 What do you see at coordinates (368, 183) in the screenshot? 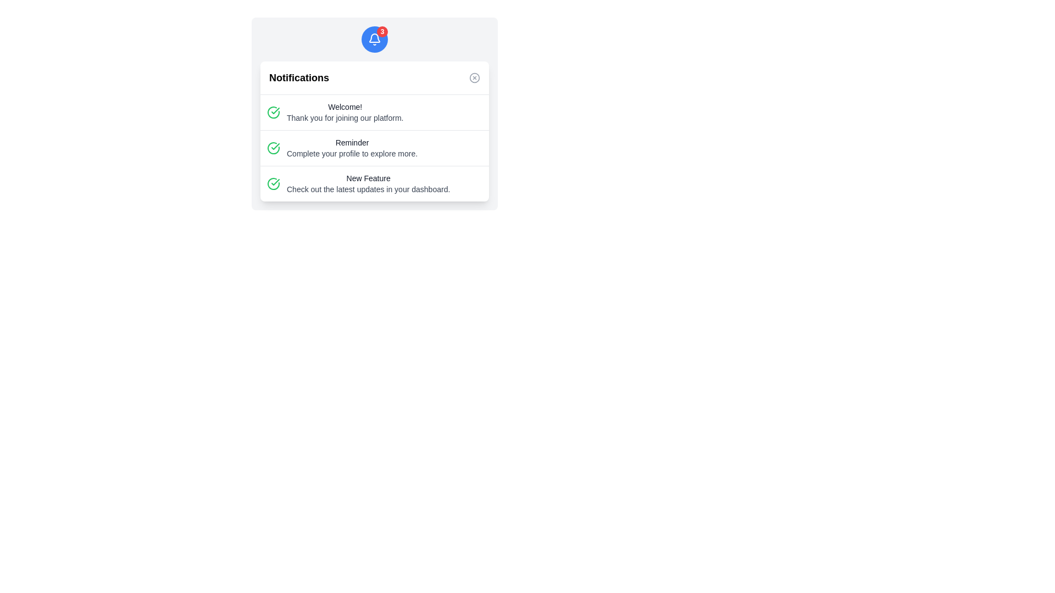
I see `the text display block containing 'New Feature' and 'Check out the latest updates in your dashboard', which is the third notification item in the notifications panel` at bounding box center [368, 183].